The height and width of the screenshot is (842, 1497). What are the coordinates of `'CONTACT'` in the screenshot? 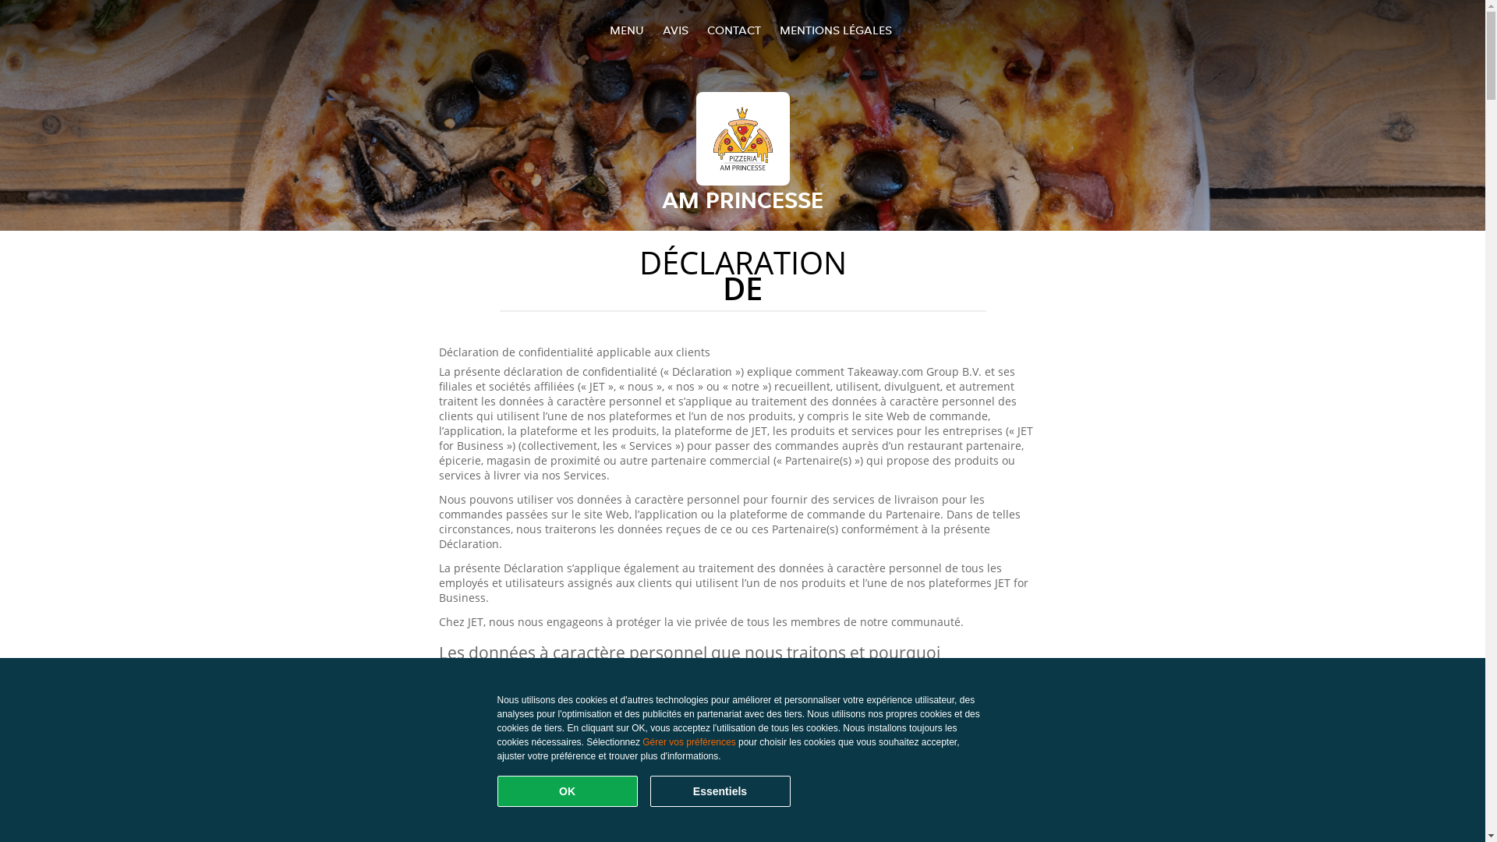 It's located at (732, 30).